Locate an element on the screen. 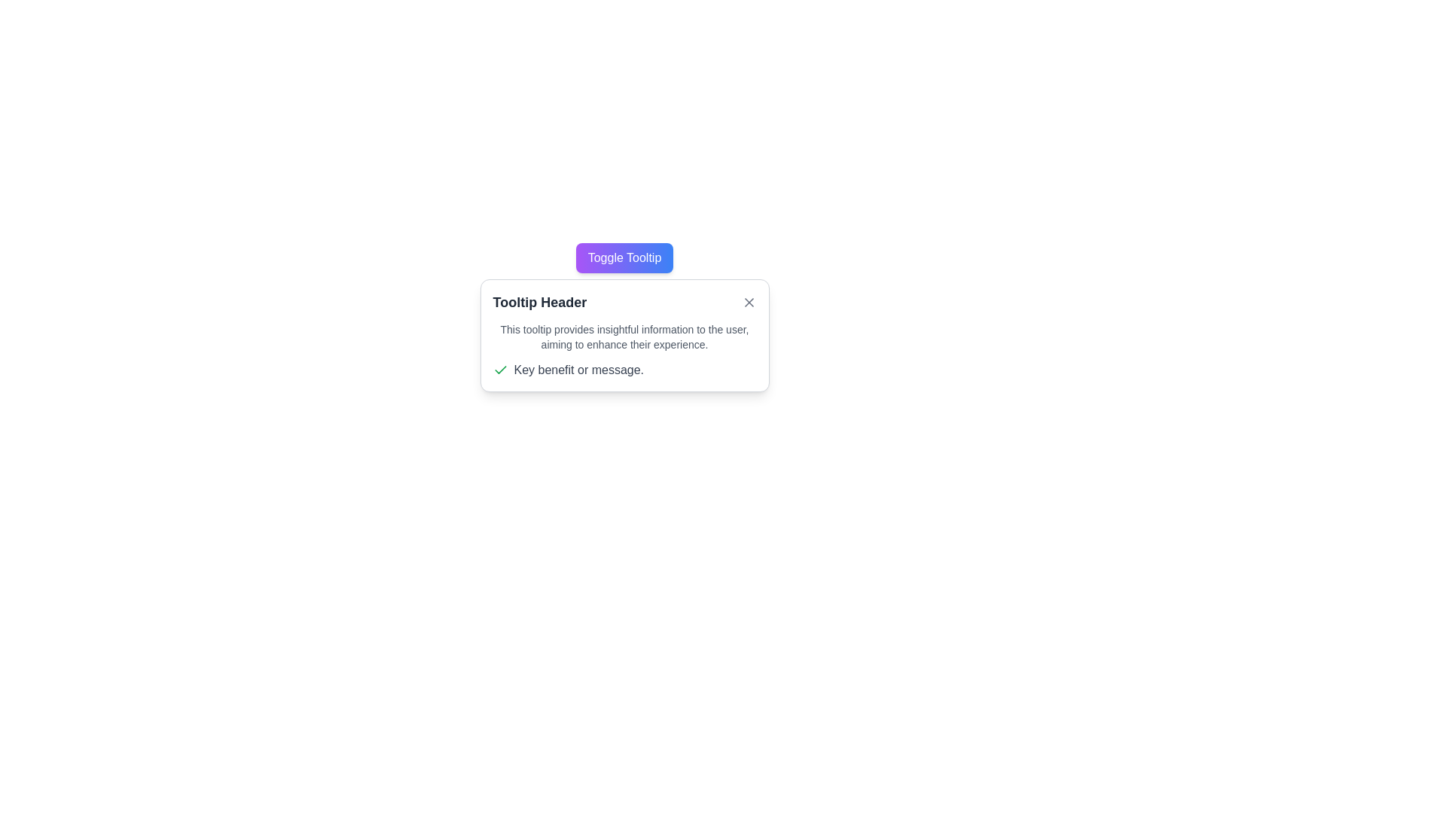 This screenshot has width=1446, height=813. the header text element located at the upper-left section of the modal tooltip, which serves as the title or label for the content below it is located at coordinates (539, 302).